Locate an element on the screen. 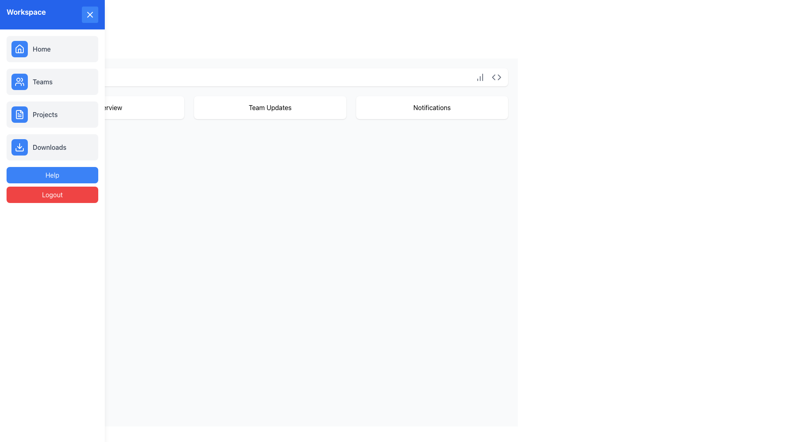 The image size is (786, 442). the Close Icon Button, which is an 'X' symbol on a blue circular background located at the top-right corner of the navigation sidebar, next to the 'Workspace' header is located at coordinates (90, 14).